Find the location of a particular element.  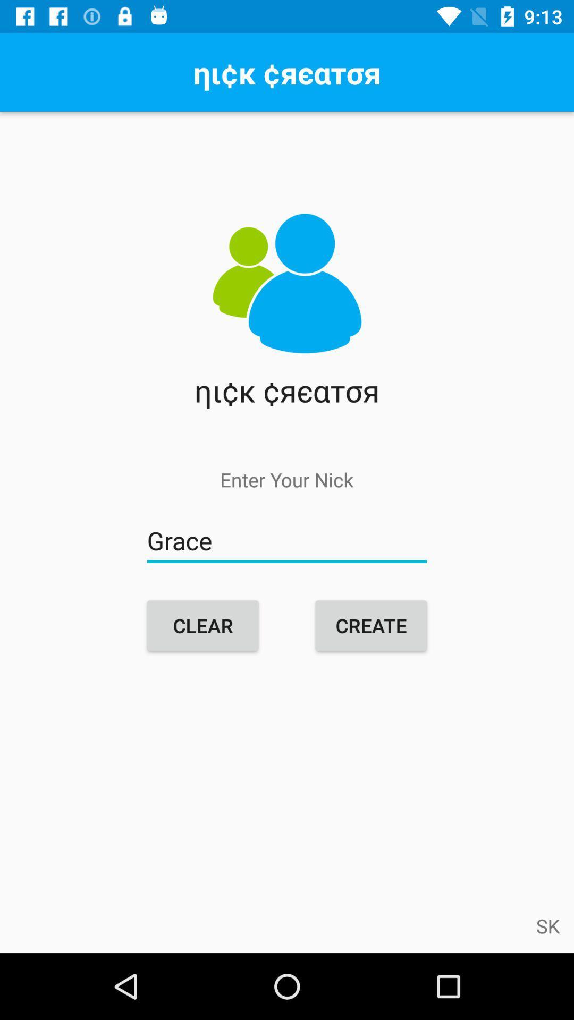

item to the left of the create icon is located at coordinates (202, 625).